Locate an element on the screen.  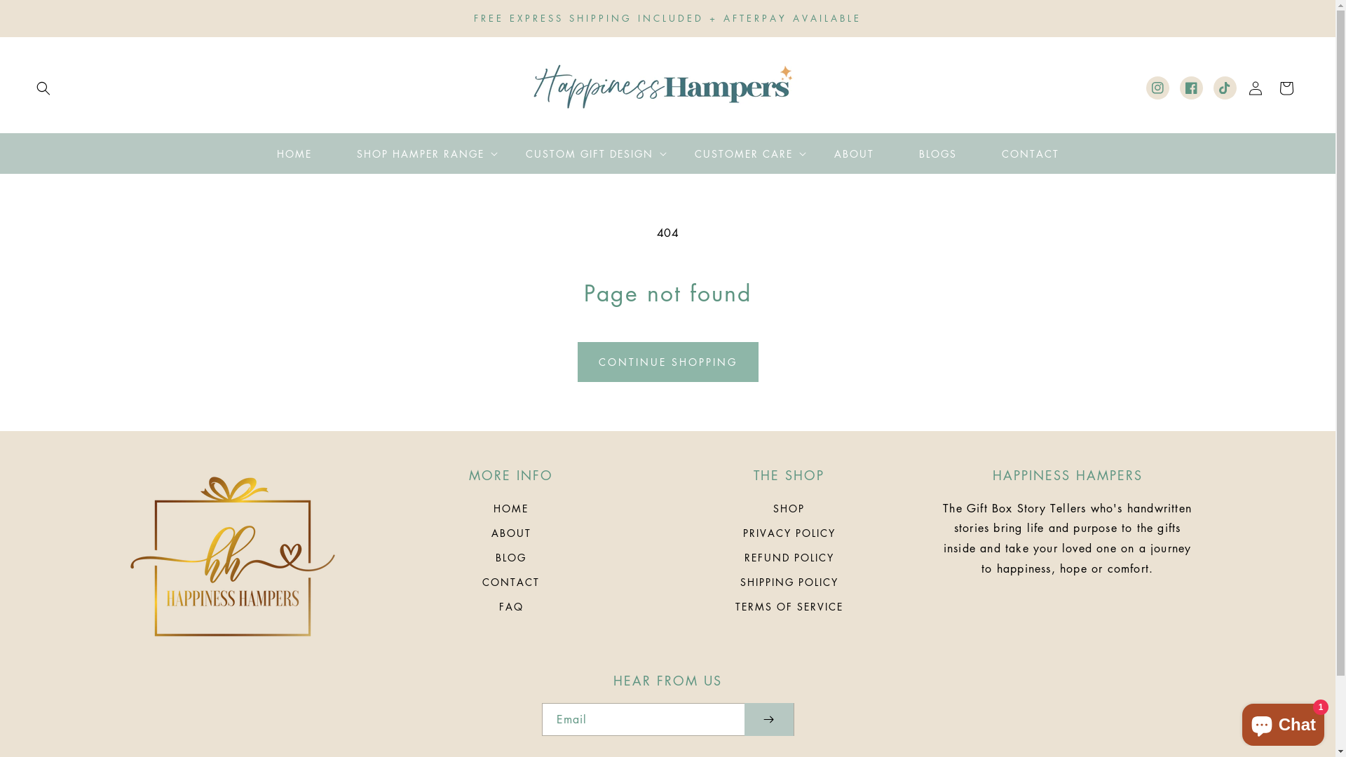
'SHIPPING POLICY' is located at coordinates (740, 582).